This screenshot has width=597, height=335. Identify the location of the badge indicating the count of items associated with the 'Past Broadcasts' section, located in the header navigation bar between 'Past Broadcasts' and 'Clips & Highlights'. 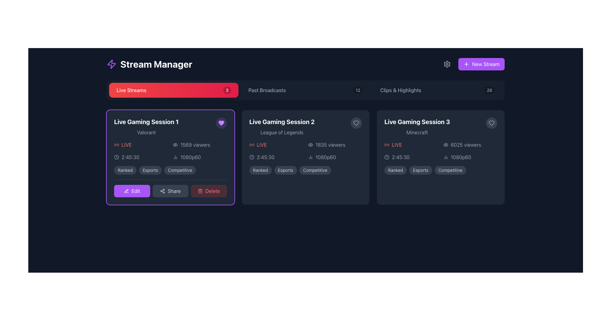
(358, 90).